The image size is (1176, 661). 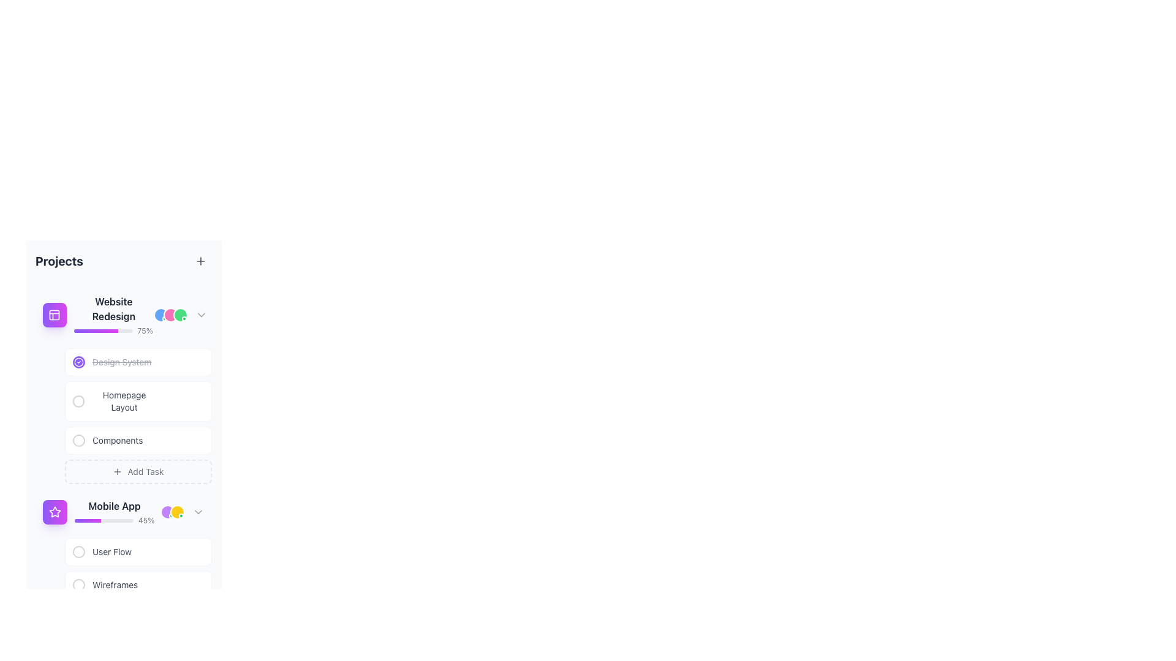 I want to click on the completed task list item with a strikethrough status and due date 'Today', located under the 'Website Redesign' project header, so click(x=138, y=361).